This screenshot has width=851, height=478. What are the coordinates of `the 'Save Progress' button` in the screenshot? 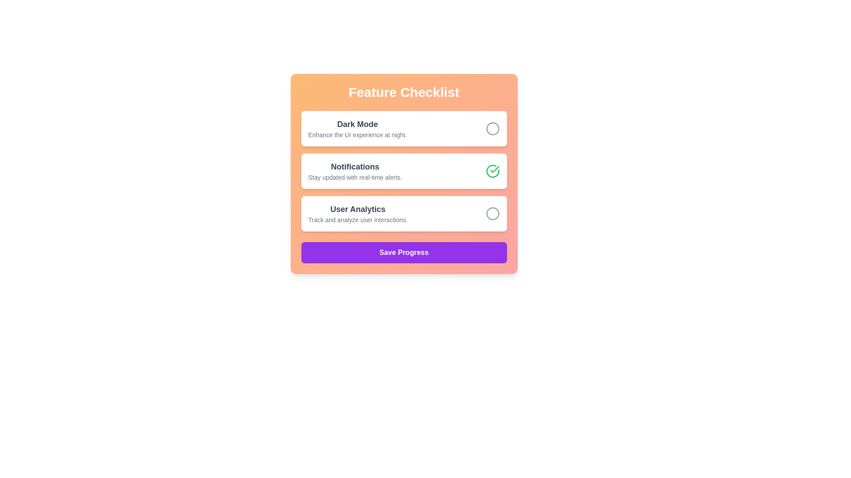 It's located at (403, 252).